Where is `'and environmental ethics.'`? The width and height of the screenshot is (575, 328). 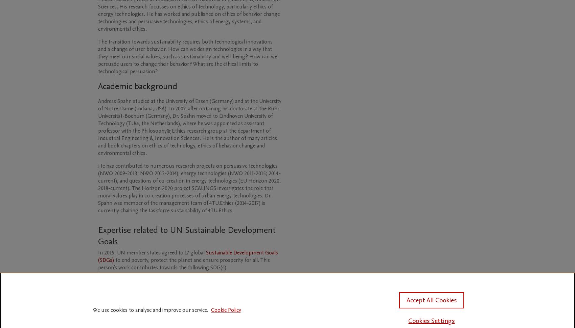
'and environmental ethics.' is located at coordinates (180, 24).